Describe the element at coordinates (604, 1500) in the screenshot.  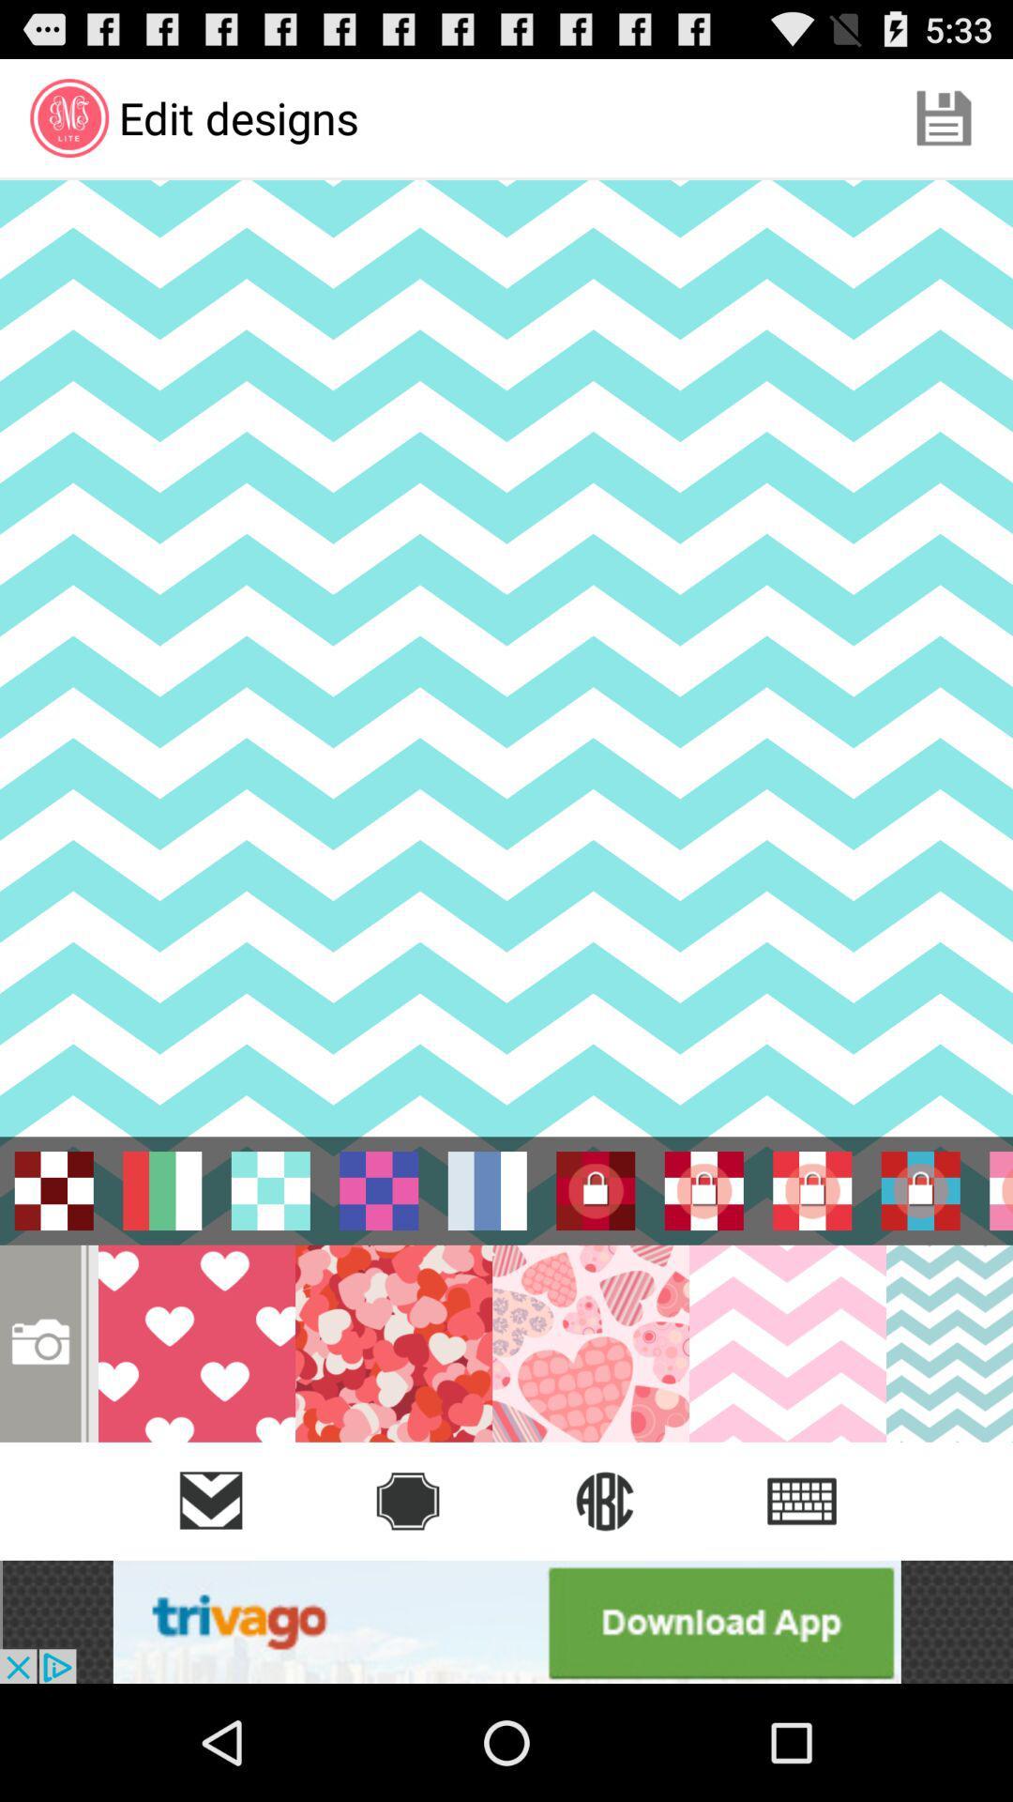
I see `abc symbol` at that location.